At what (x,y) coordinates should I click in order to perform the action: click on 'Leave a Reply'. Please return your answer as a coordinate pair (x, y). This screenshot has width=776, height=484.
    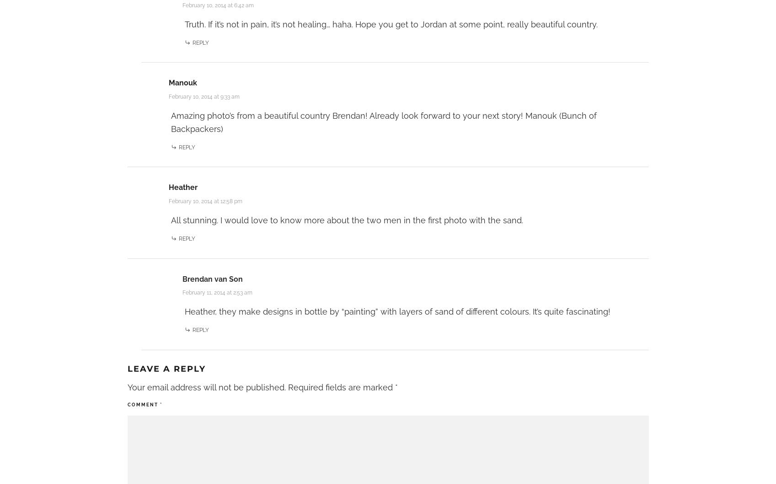
    Looking at the image, I should click on (166, 368).